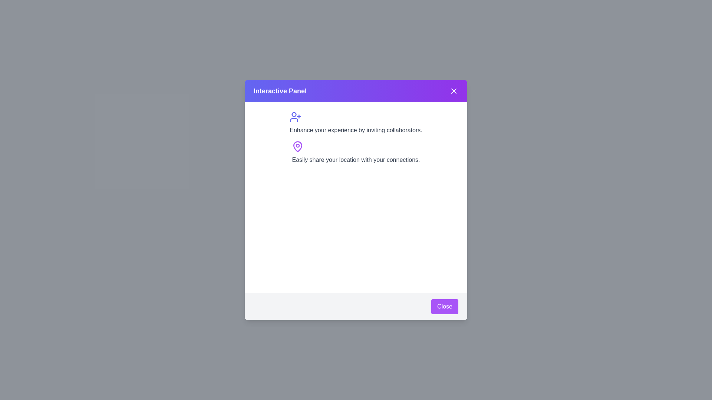 Image resolution: width=712 pixels, height=400 pixels. I want to click on the map pin icon, which has a purple stroke color, located within a clean and modern interface panel, situated near the center of the panel below a header and a collaboration icon, so click(298, 147).